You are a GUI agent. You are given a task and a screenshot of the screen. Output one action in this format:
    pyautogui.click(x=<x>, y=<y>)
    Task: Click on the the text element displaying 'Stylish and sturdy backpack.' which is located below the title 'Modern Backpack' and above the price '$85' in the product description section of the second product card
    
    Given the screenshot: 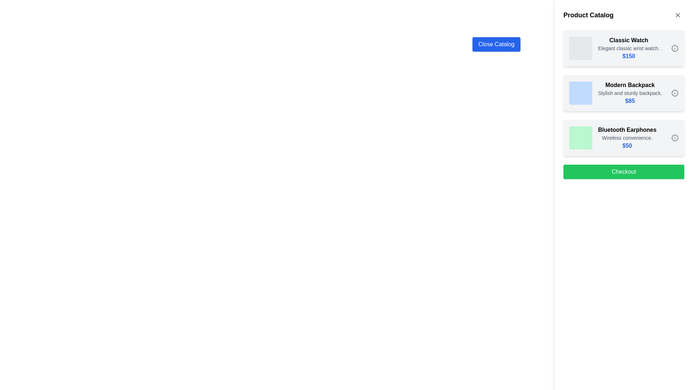 What is the action you would take?
    pyautogui.click(x=629, y=93)
    